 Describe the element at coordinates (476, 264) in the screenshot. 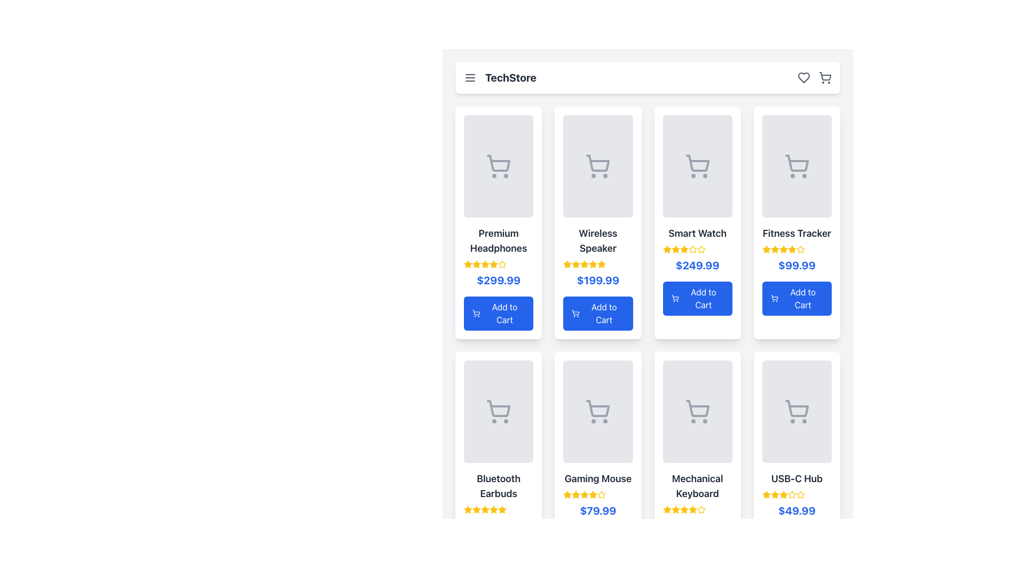

I see `the third star icon in the rating system for the 'Premium Headphones' product` at that location.